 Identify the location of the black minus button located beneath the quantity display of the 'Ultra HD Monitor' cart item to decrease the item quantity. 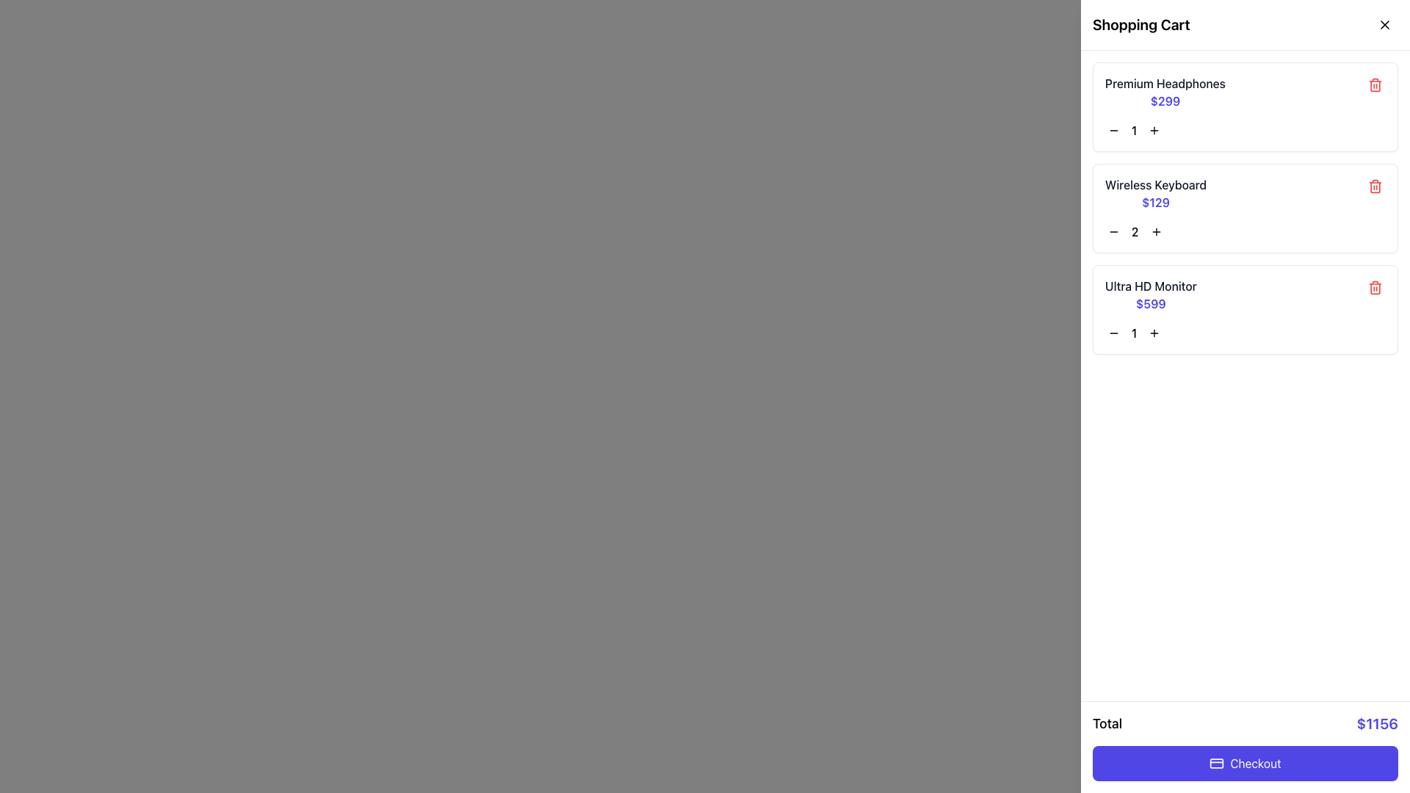
(1113, 333).